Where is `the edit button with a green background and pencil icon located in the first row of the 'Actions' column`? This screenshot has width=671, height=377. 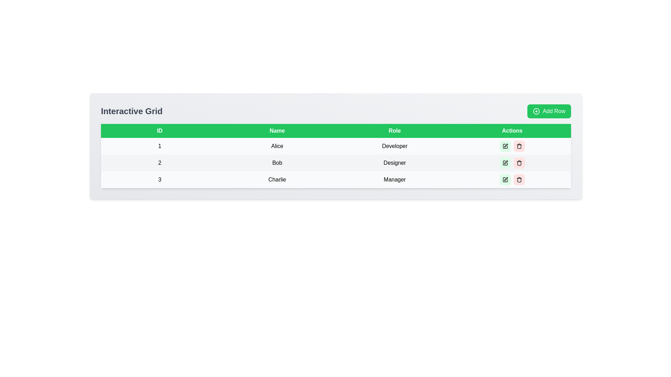
the edit button with a green background and pencil icon located in the first row of the 'Actions' column is located at coordinates (505, 146).